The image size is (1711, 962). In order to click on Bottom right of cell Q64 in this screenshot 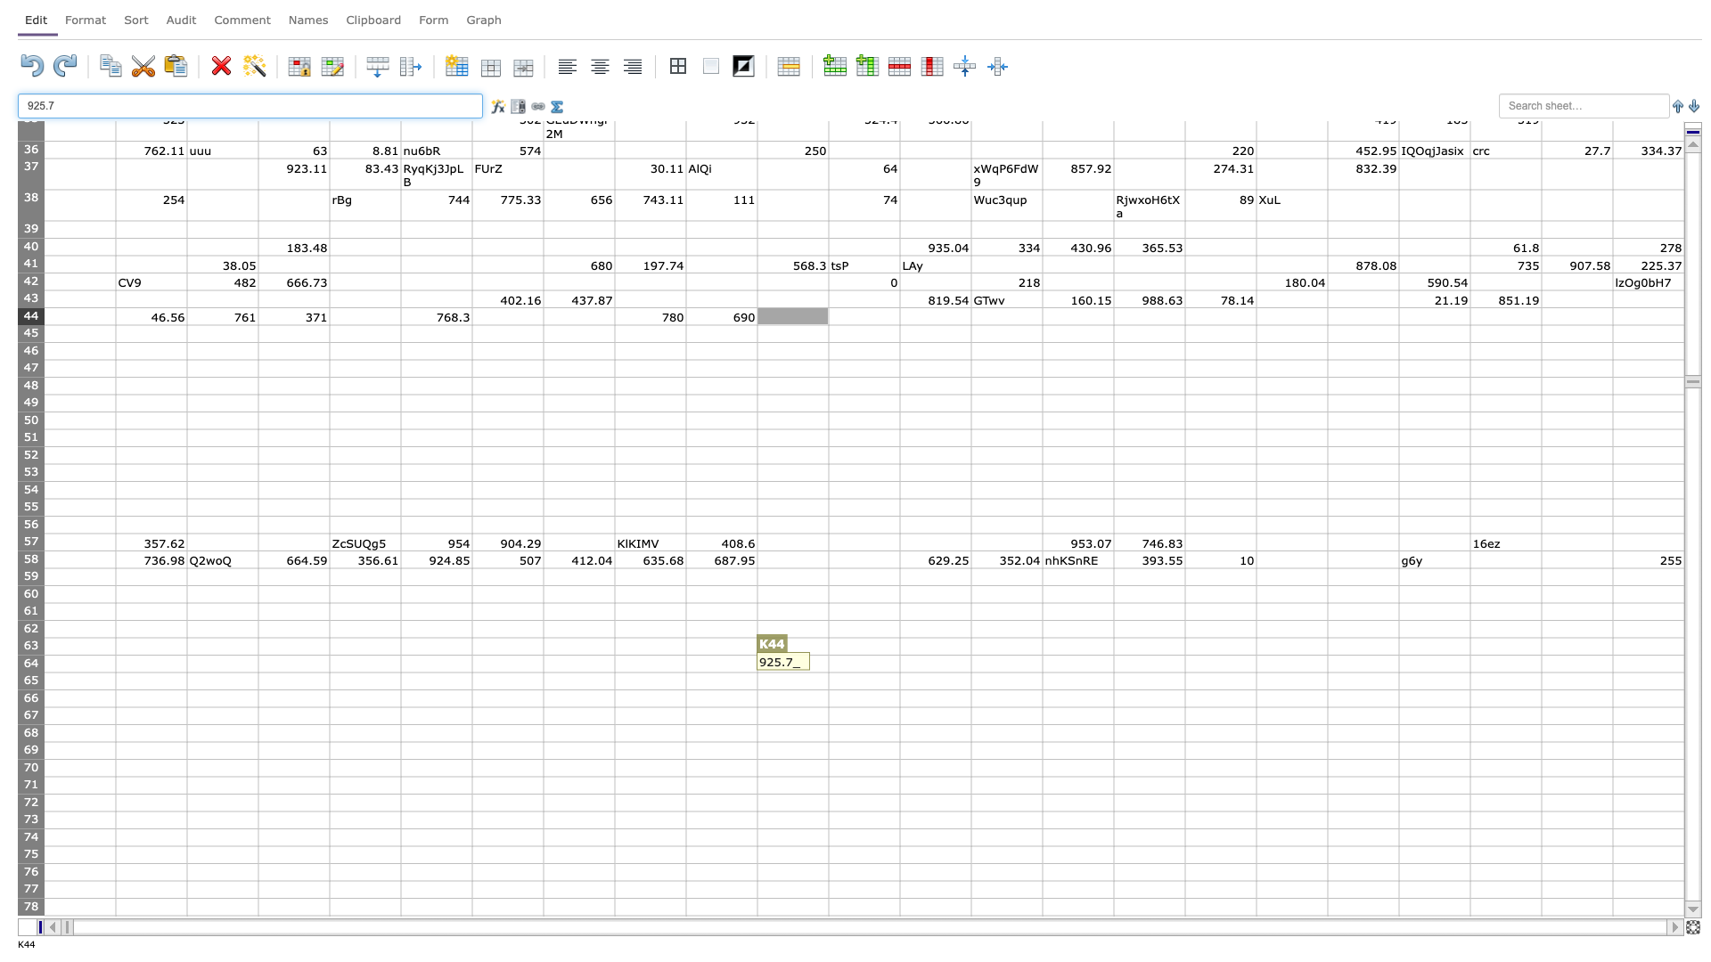, I will do `click(1256, 673)`.